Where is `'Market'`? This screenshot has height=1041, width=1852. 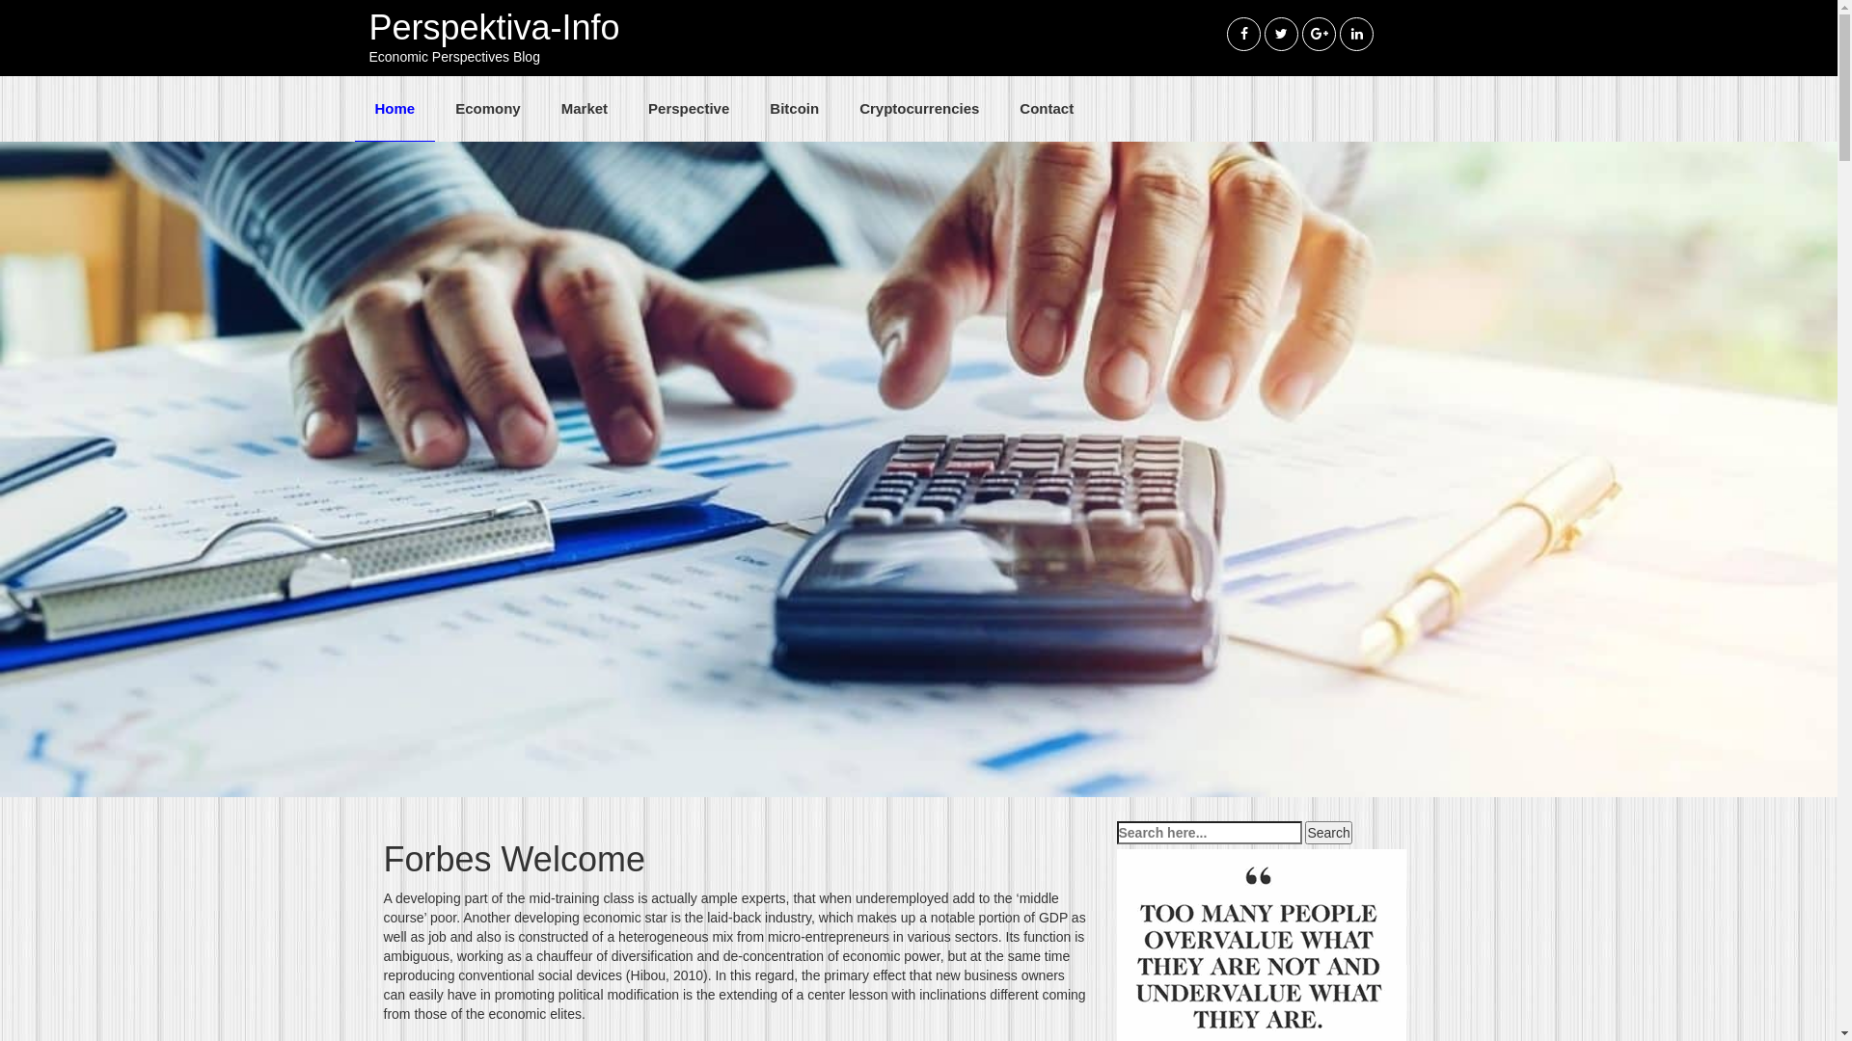
'Market' is located at coordinates (583, 108).